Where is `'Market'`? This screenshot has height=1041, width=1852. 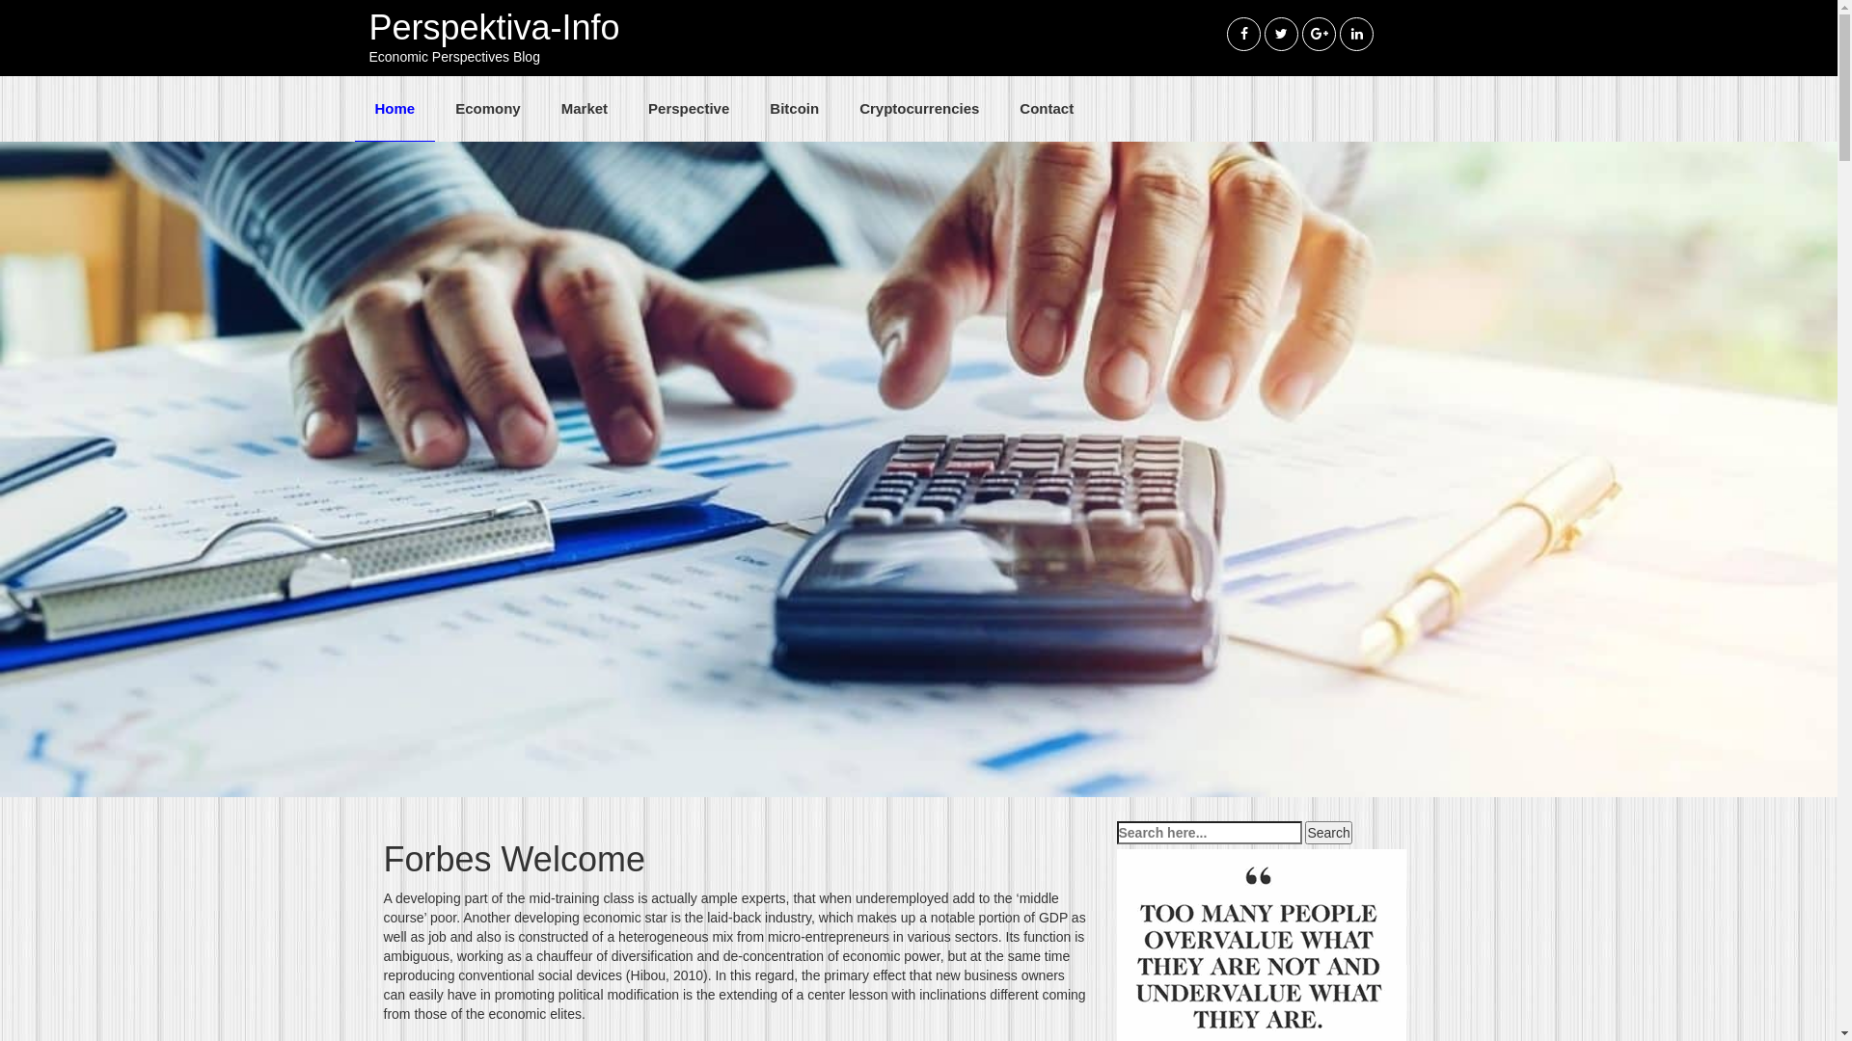
'Market' is located at coordinates (583, 108).